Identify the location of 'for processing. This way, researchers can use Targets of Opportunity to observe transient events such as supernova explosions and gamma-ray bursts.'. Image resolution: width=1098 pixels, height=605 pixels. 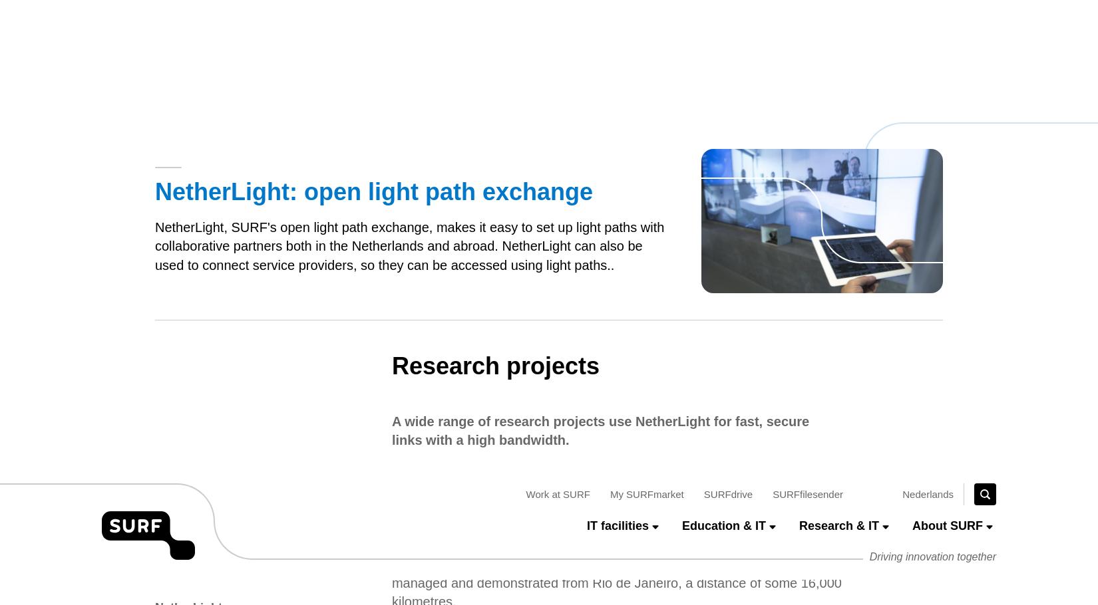
(616, 332).